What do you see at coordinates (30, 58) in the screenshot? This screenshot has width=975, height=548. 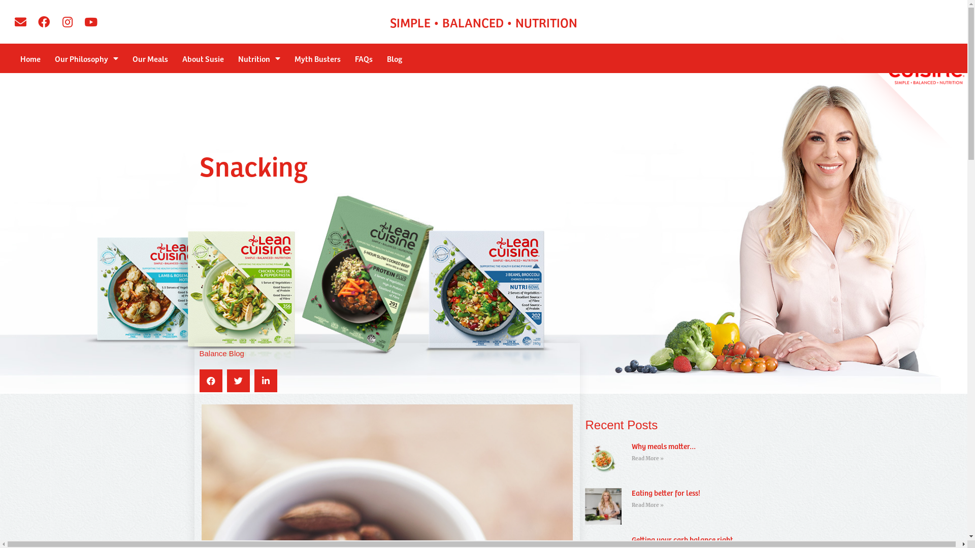 I see `'Home'` at bounding box center [30, 58].